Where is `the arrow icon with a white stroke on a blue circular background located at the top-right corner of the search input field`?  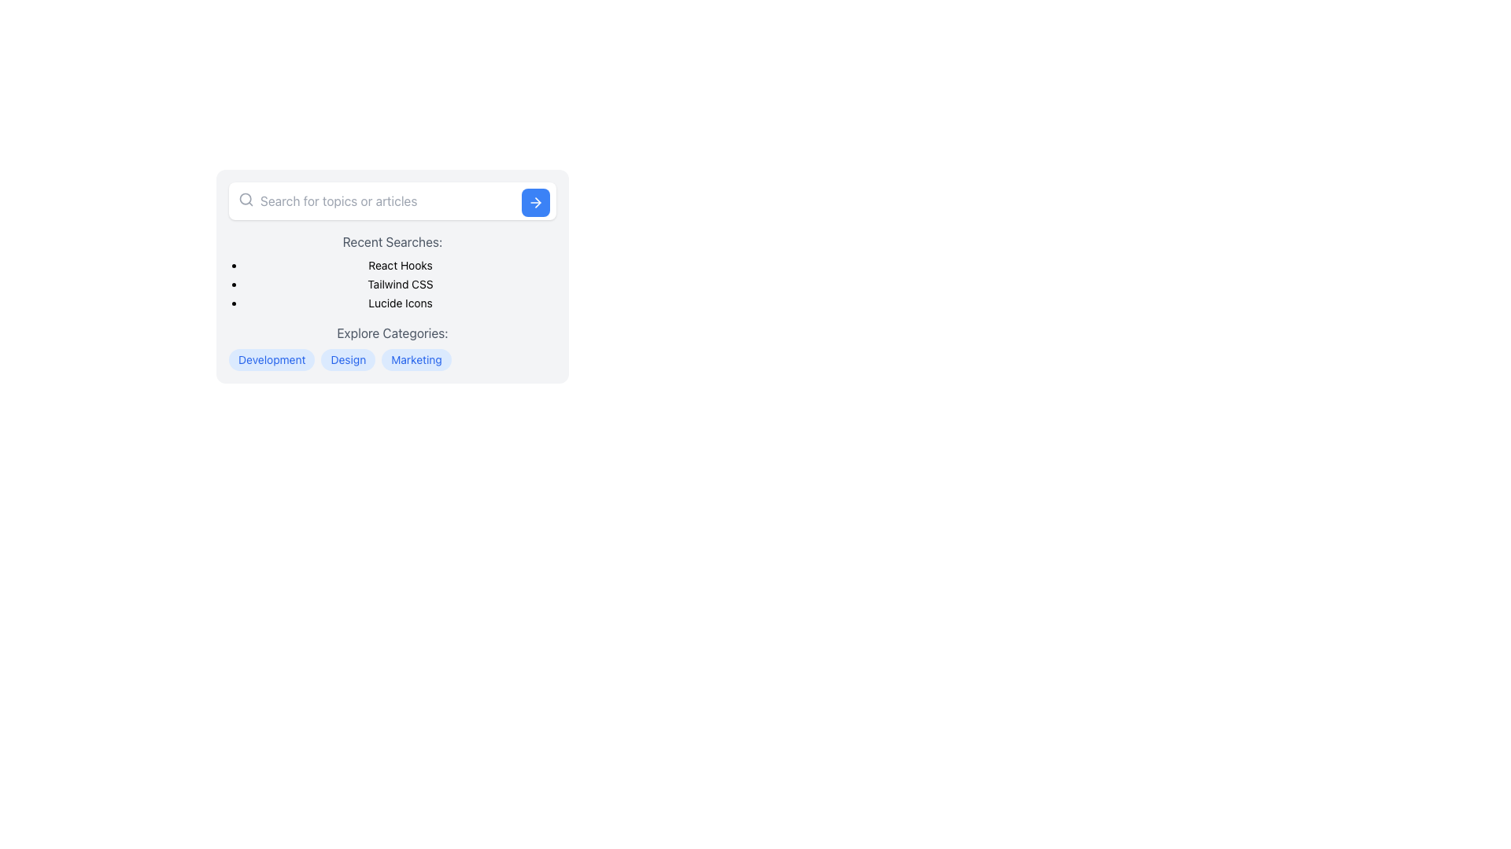 the arrow icon with a white stroke on a blue circular background located at the top-right corner of the search input field is located at coordinates (536, 202).